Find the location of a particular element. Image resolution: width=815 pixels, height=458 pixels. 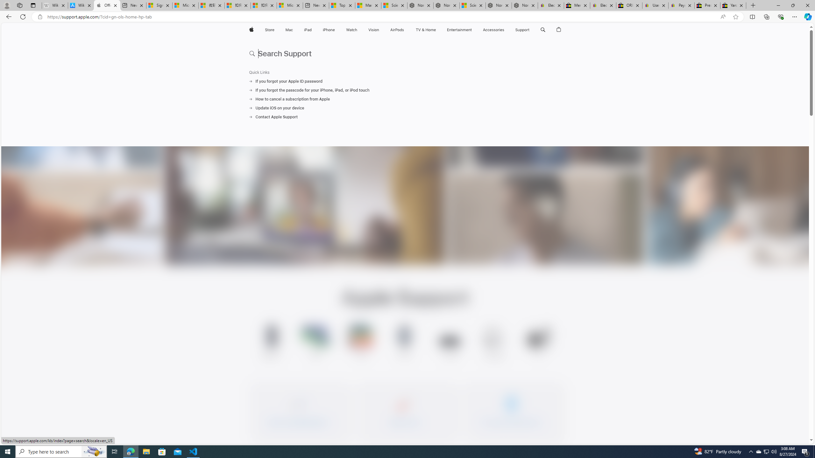

'iPhone menu' is located at coordinates (336, 30).